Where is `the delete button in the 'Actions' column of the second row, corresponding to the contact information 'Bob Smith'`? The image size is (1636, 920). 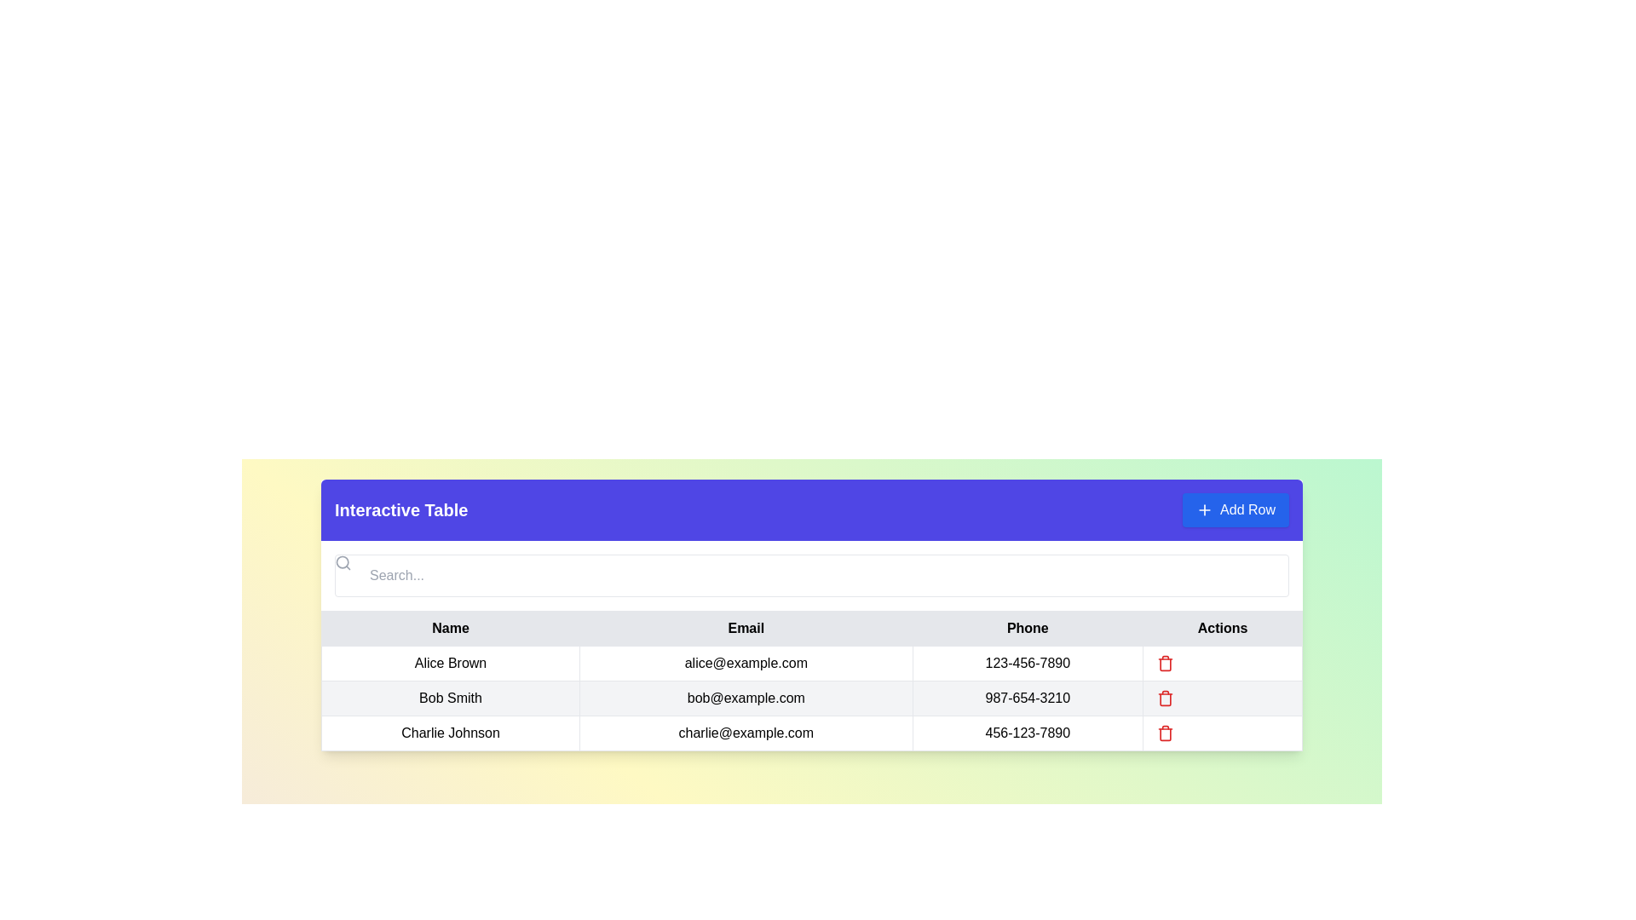 the delete button in the 'Actions' column of the second row, corresponding to the contact information 'Bob Smith' is located at coordinates (1165, 699).